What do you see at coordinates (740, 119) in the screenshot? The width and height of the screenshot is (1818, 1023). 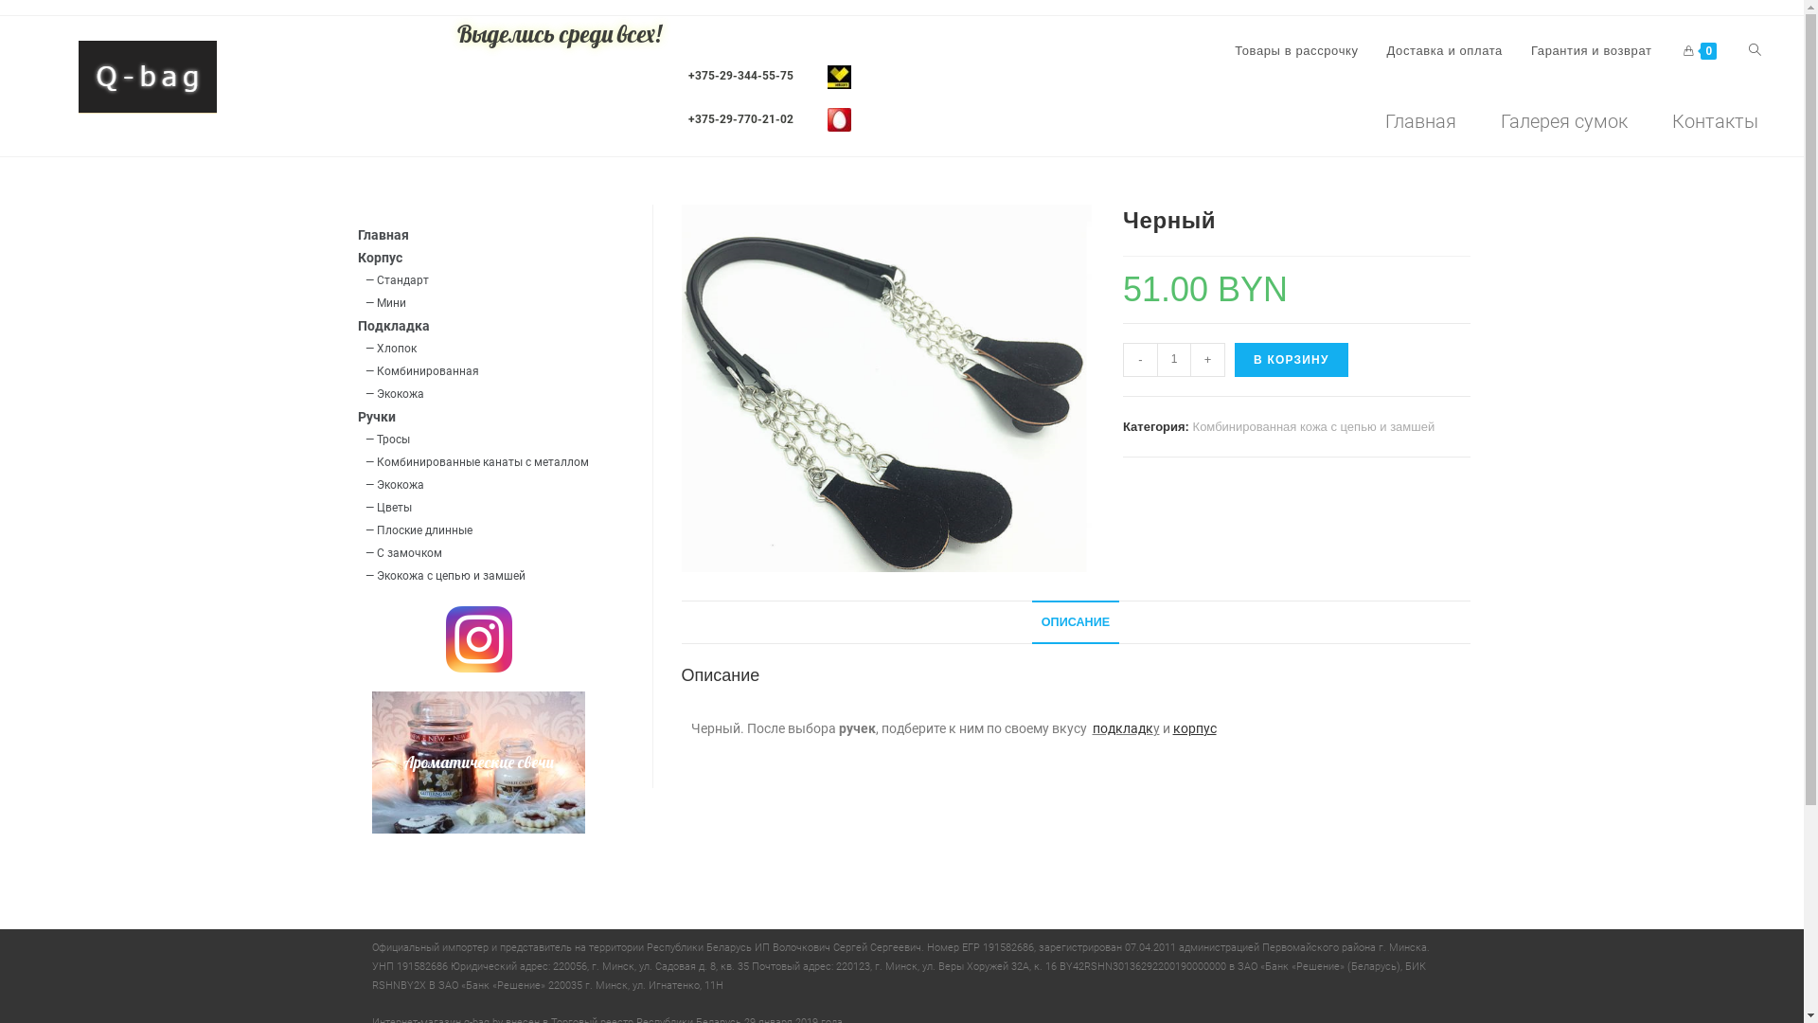 I see `'+375-29-770-21-02'` at bounding box center [740, 119].